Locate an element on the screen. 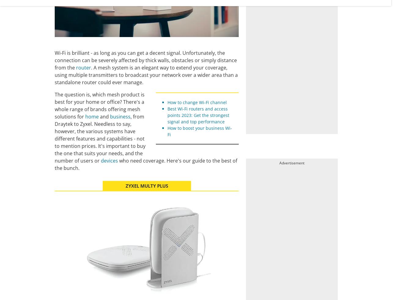  'and' is located at coordinates (98, 117).